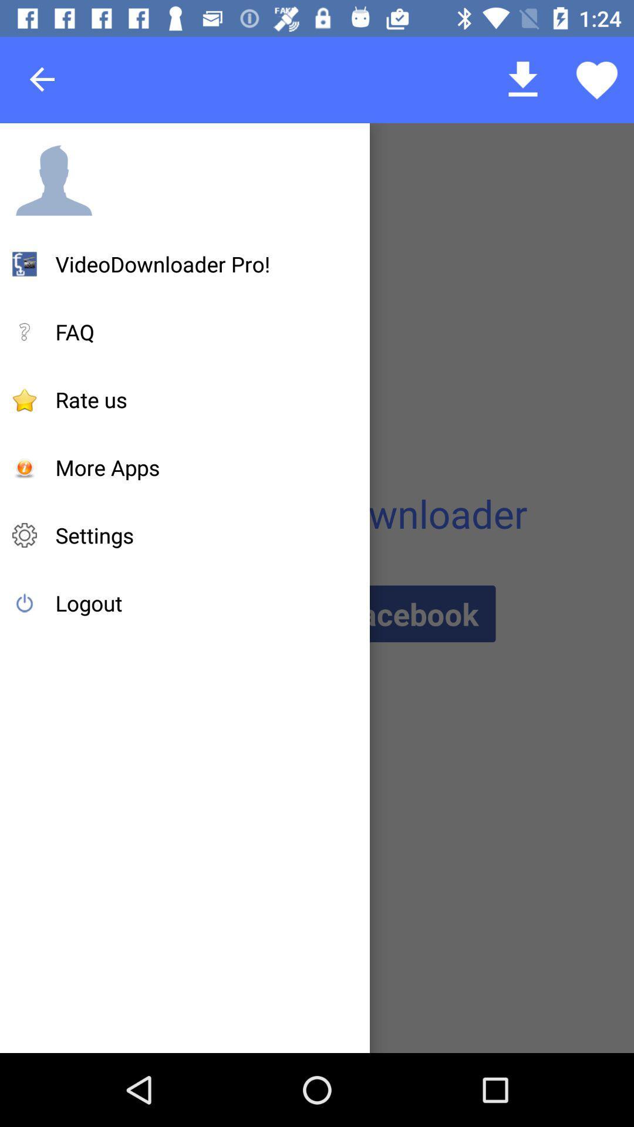 This screenshot has width=634, height=1127. What do you see at coordinates (88, 603) in the screenshot?
I see `the logout item` at bounding box center [88, 603].